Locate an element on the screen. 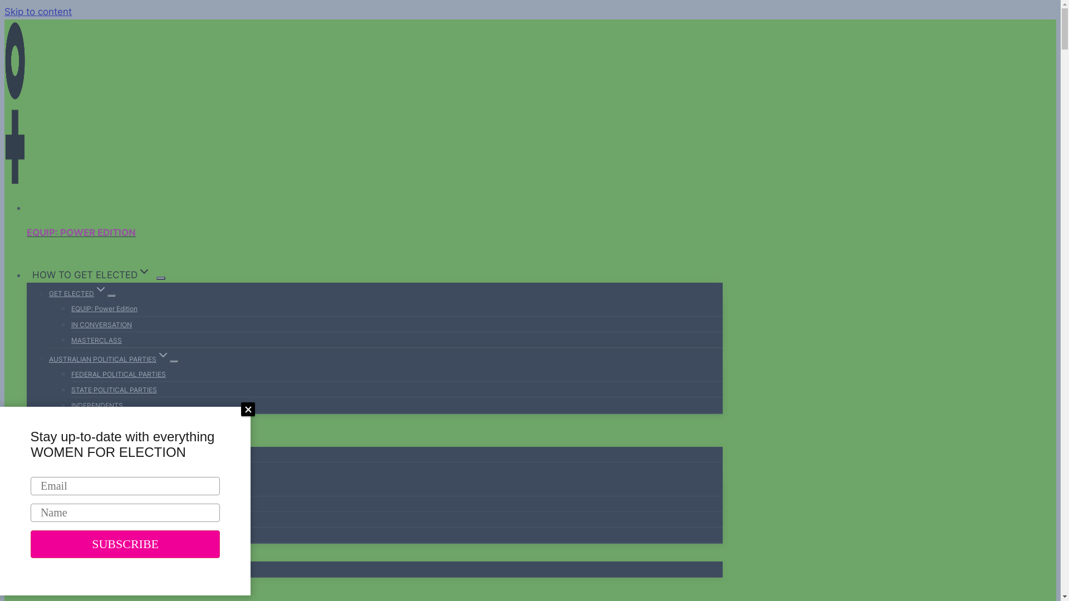  'OUR LEADERSHIP TEAM' is located at coordinates (110, 487).